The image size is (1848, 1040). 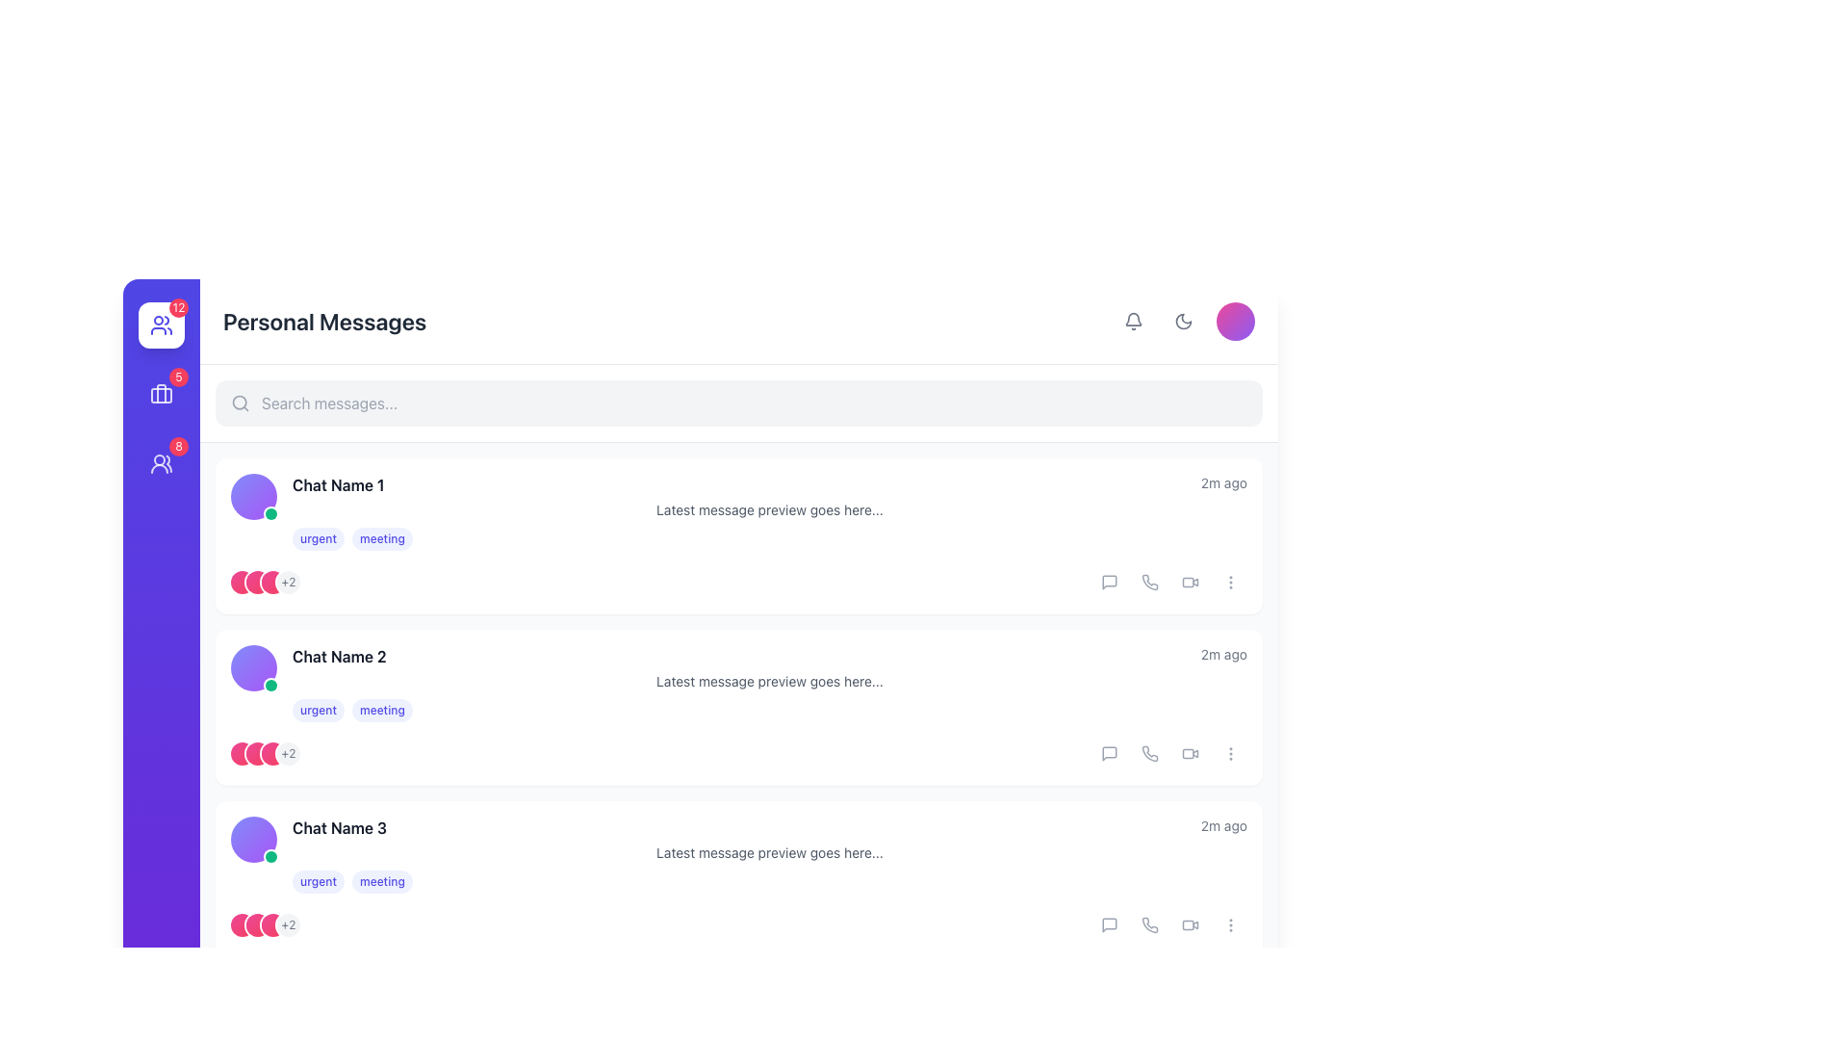 I want to click on the call button located in the third row of the chat list interface, positioned on the right side between the speech bubble icon and the video camera icon, to change its appearance, so click(x=1150, y=753).